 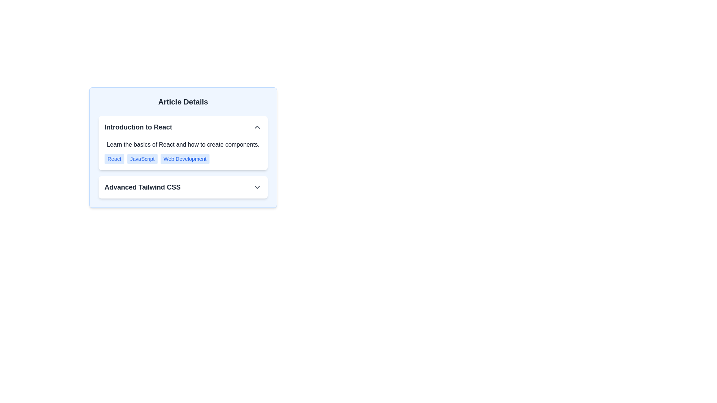 I want to click on the article preview card titled 'Introduction to React' located in the 'Article Details' section, positioned above the 'Advanced Tailwind CSS' card, so click(x=183, y=143).